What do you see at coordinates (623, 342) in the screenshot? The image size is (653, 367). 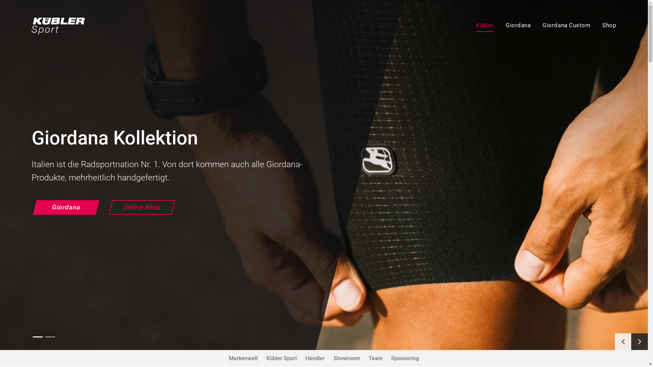 I see `'Previous'` at bounding box center [623, 342].